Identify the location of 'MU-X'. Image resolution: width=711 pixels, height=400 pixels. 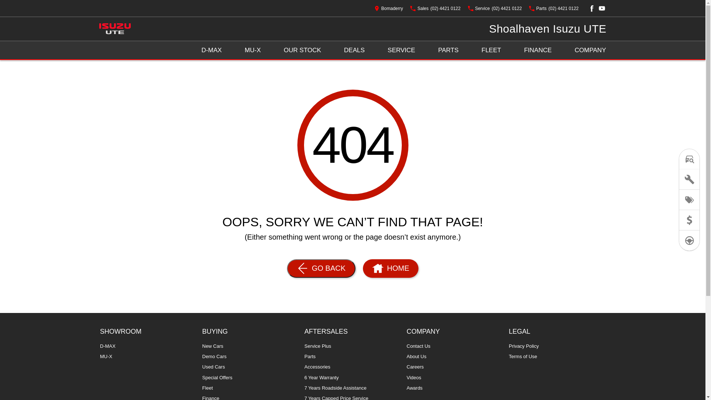
(99, 356).